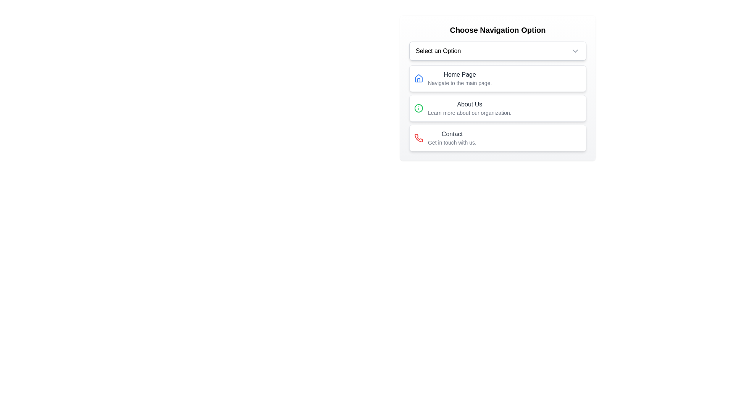 The height and width of the screenshot is (412, 733). What do you see at coordinates (452, 143) in the screenshot?
I see `the text label that reads 'Get in touch with us.' which is styled in gray (#gray-500) and positioned below the 'Contact' header in the Contact section of the navigation menu` at bounding box center [452, 143].